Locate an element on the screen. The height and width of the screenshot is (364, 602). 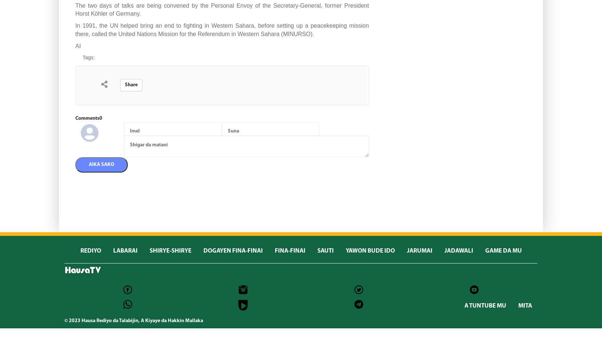
'DOGAYEN FINA-FINAI' is located at coordinates (233, 250).